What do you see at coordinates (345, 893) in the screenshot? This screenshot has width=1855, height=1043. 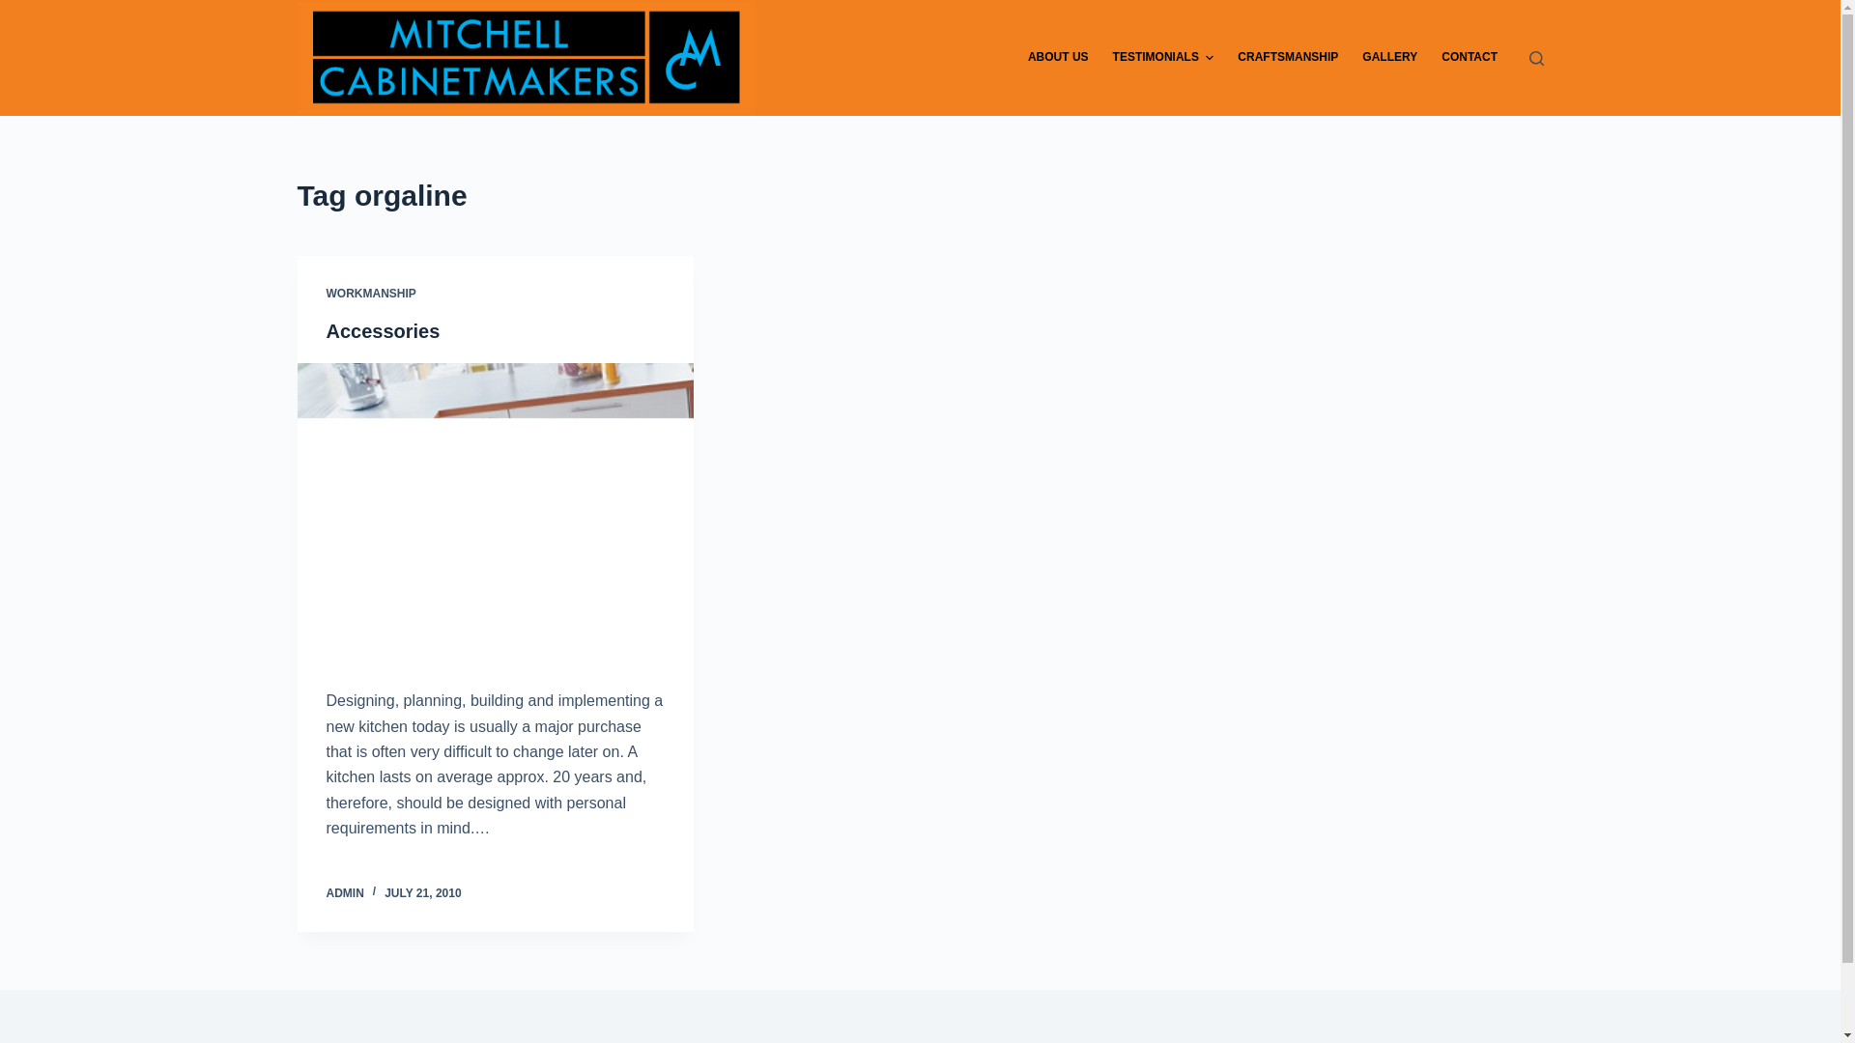 I see `'ADMIN'` at bounding box center [345, 893].